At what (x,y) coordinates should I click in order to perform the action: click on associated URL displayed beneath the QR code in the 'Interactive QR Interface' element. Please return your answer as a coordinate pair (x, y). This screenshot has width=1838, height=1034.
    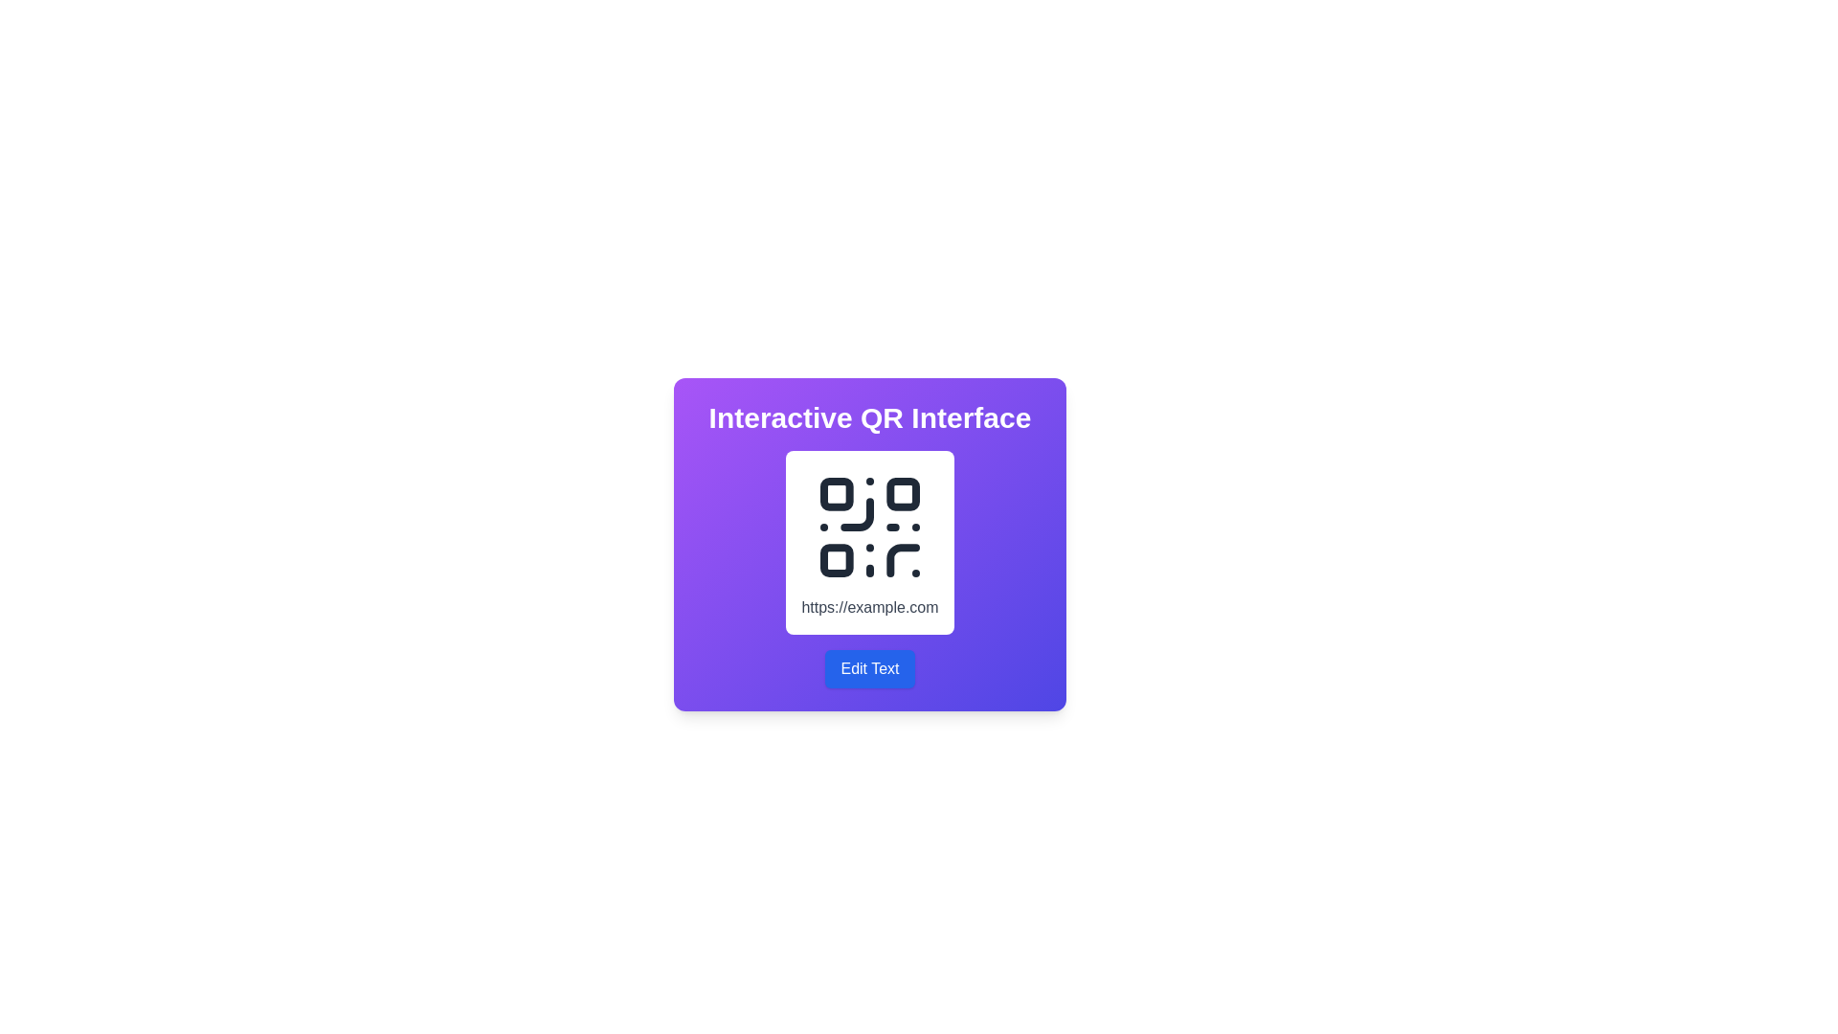
    Looking at the image, I should click on (868, 568).